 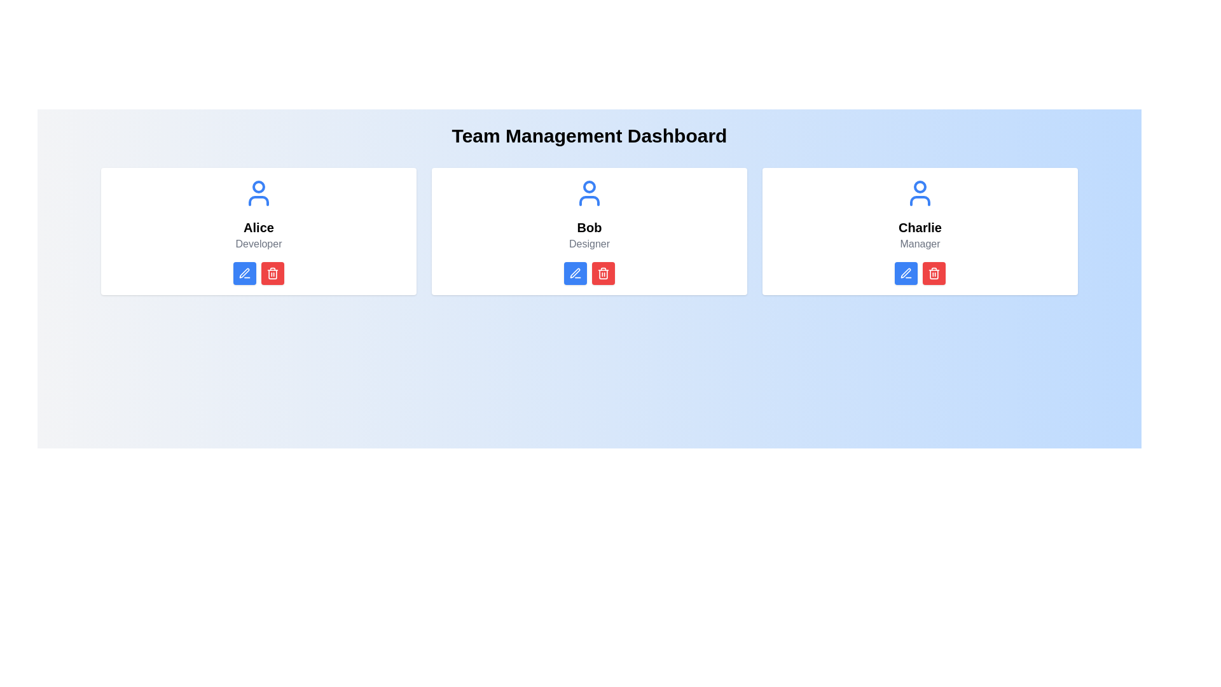 What do you see at coordinates (905, 272) in the screenshot?
I see `the pen icon button located to the left of the red trashbin icon below the text 'Charlie - Manager' to initiate editing of Charlie's profile` at bounding box center [905, 272].